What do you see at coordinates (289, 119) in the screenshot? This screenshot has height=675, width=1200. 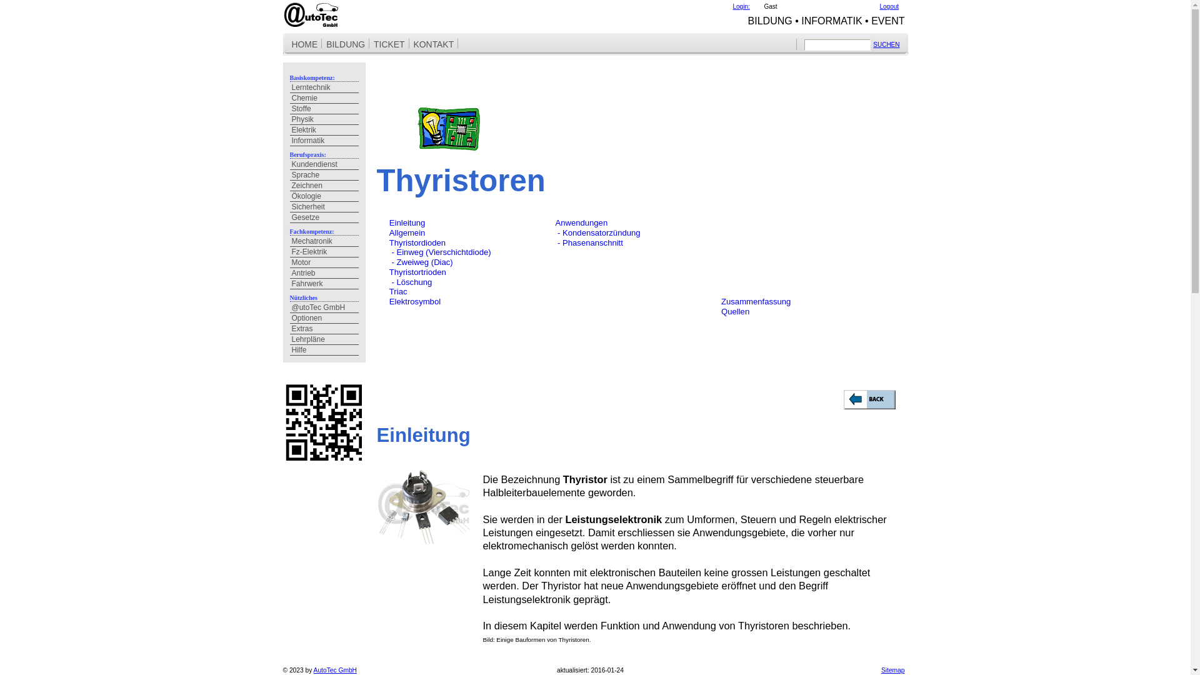 I see `'Physik'` at bounding box center [289, 119].